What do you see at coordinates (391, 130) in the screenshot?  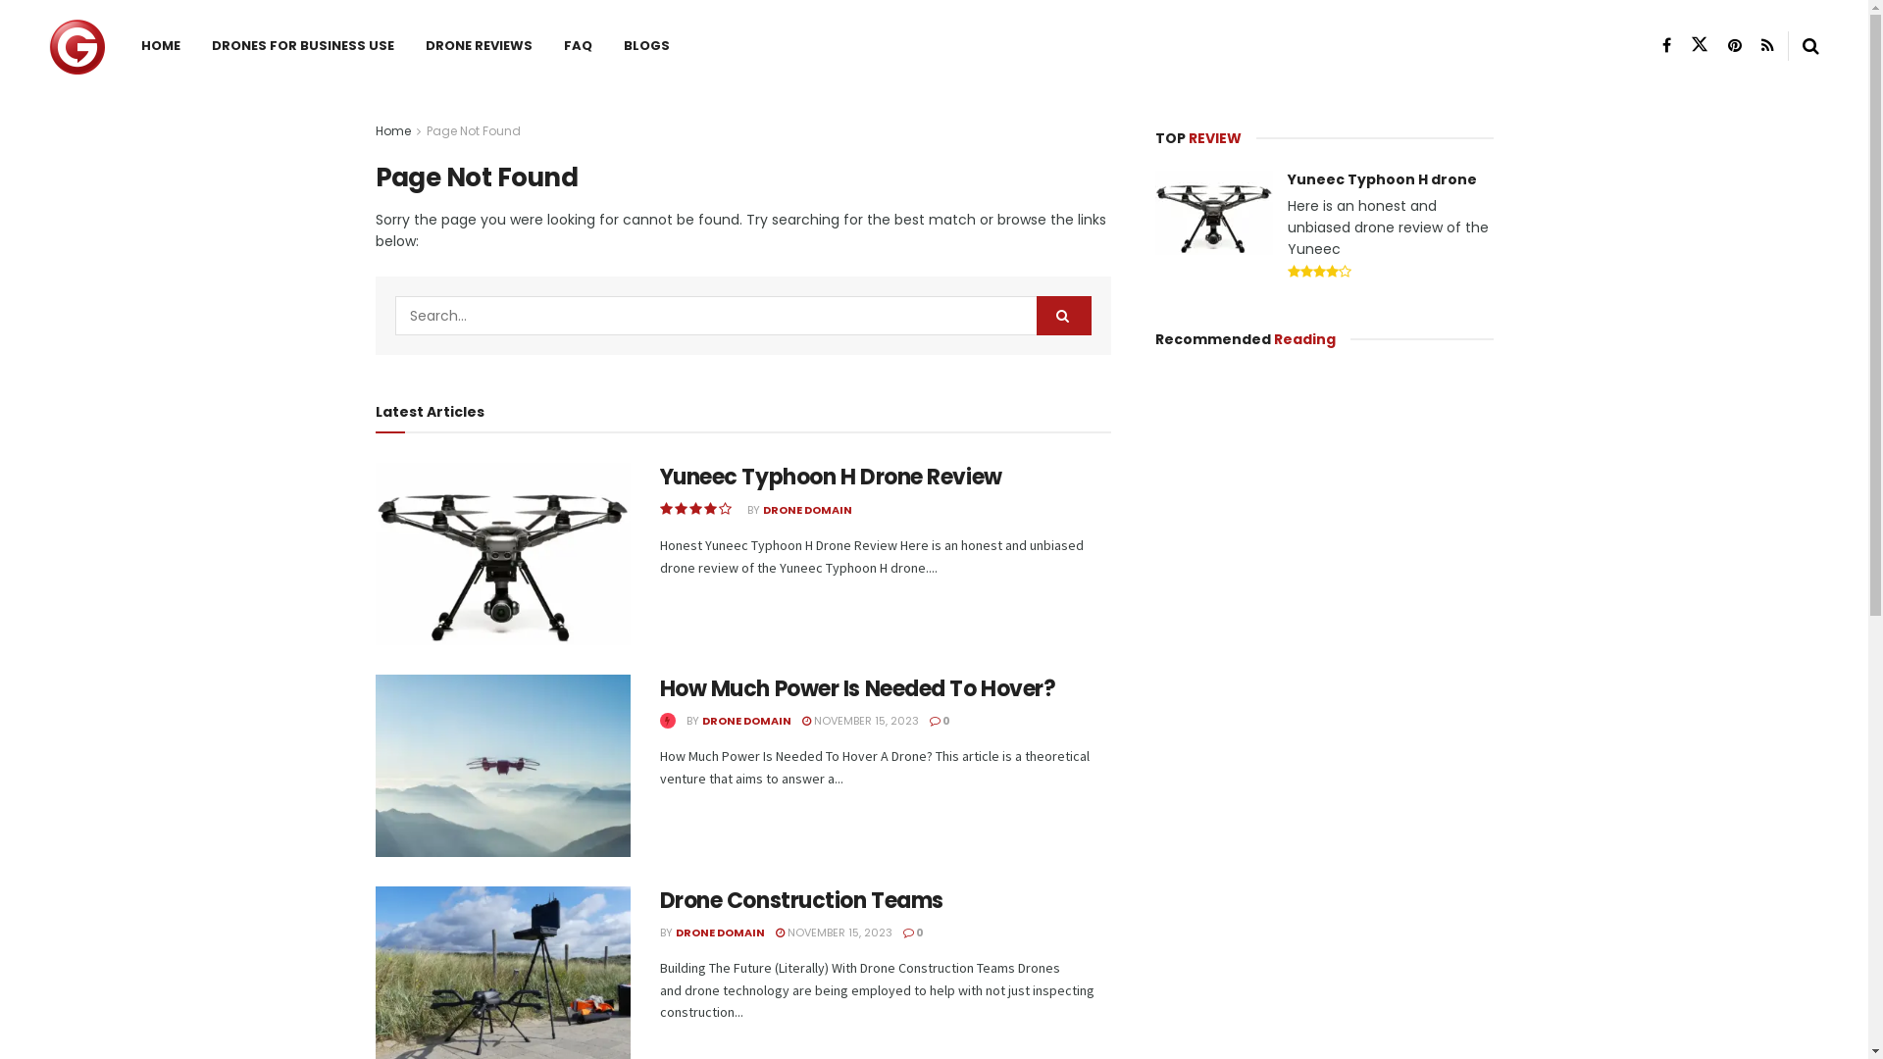 I see `'Home'` at bounding box center [391, 130].